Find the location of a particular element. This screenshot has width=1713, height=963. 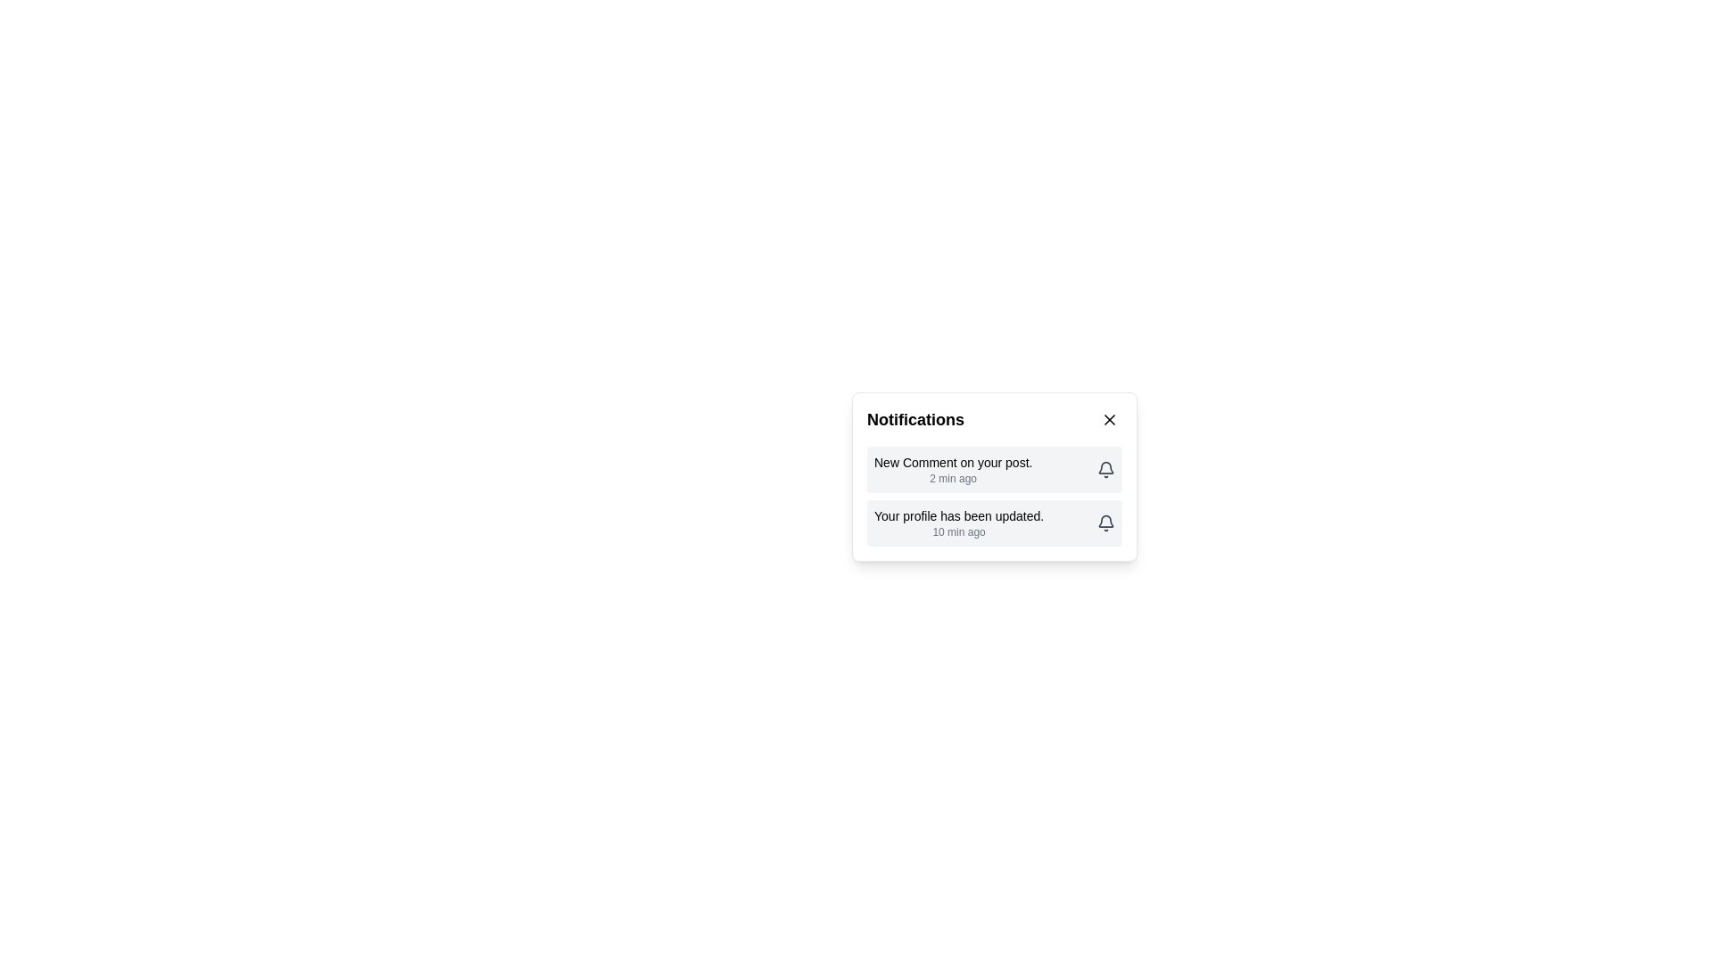

the gray bell icon, which is located on the far-right side of the notification about a comment is located at coordinates (1105, 469).